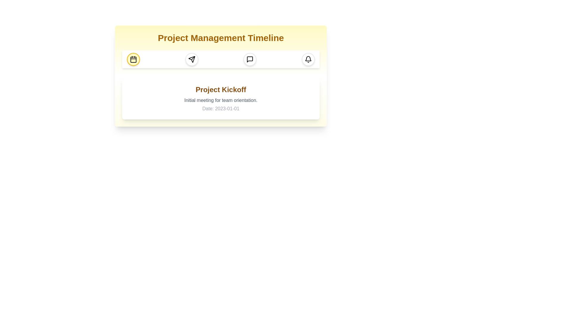 This screenshot has width=572, height=321. What do you see at coordinates (250, 59) in the screenshot?
I see `the speech bubble icon in the navigation bar for accessibility navigation` at bounding box center [250, 59].